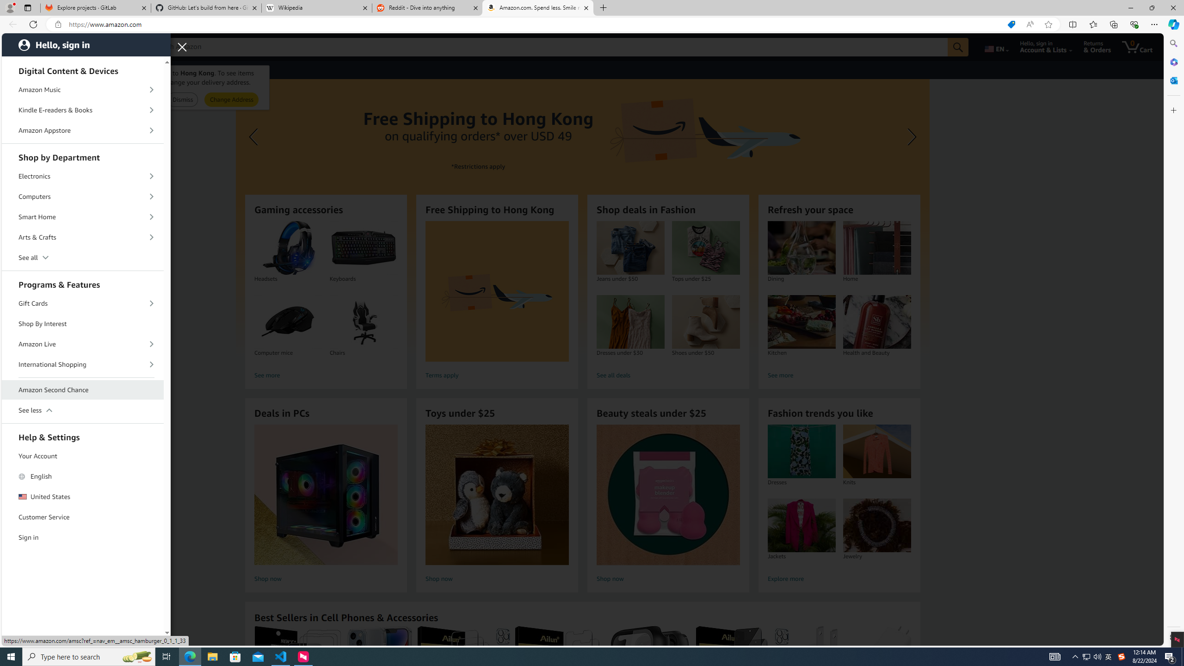 This screenshot has height=666, width=1184. I want to click on 'Shop By Interest', so click(83, 324).